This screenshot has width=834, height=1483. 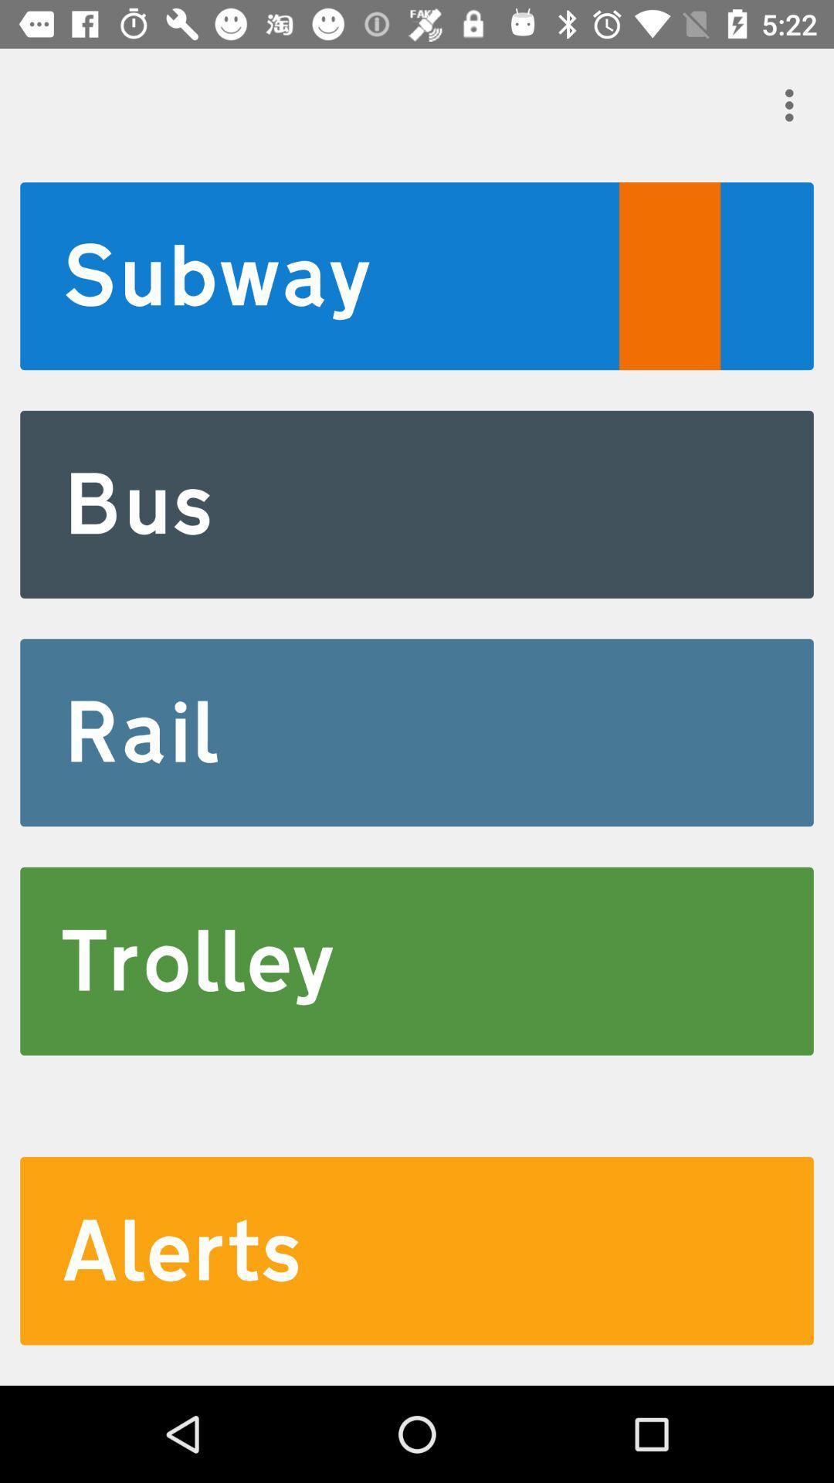 I want to click on bus item, so click(x=417, y=504).